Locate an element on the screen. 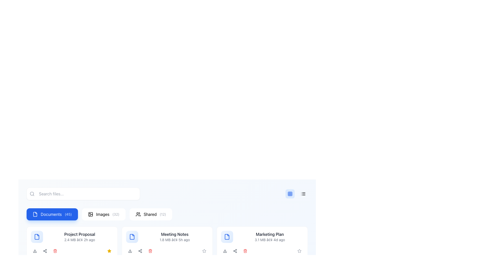 The height and width of the screenshot is (273, 486). information from the text label displaying '3.1 MB • 4d ago', which is styled in muted gray and is located below the 'Marketing Plan' title in the file description card is located at coordinates (270, 239).